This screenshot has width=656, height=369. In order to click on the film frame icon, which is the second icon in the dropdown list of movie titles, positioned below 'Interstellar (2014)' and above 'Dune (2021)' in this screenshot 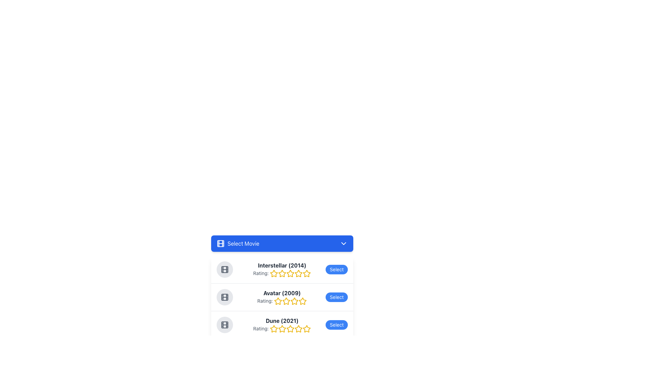, I will do `click(224, 297)`.